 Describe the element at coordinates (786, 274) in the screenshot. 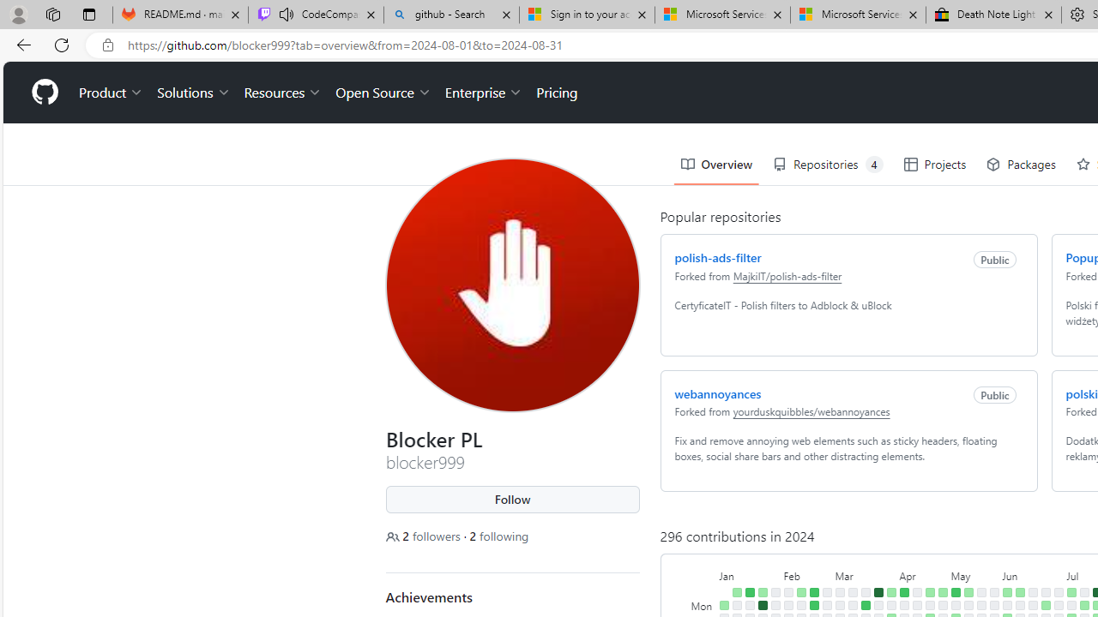

I see `'MajkiIT/polish-ads-filter'` at that location.